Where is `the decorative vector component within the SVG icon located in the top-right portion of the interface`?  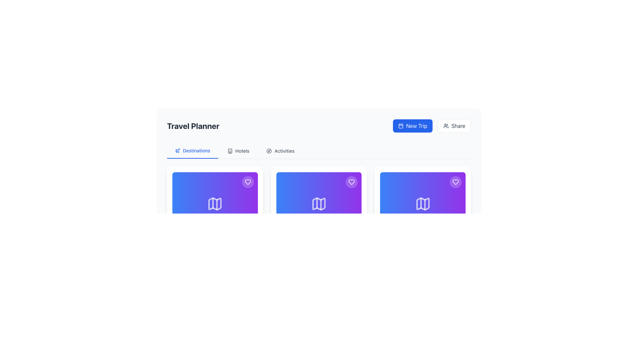
the decorative vector component within the SVG icon located in the top-right portion of the interface is located at coordinates (230, 151).